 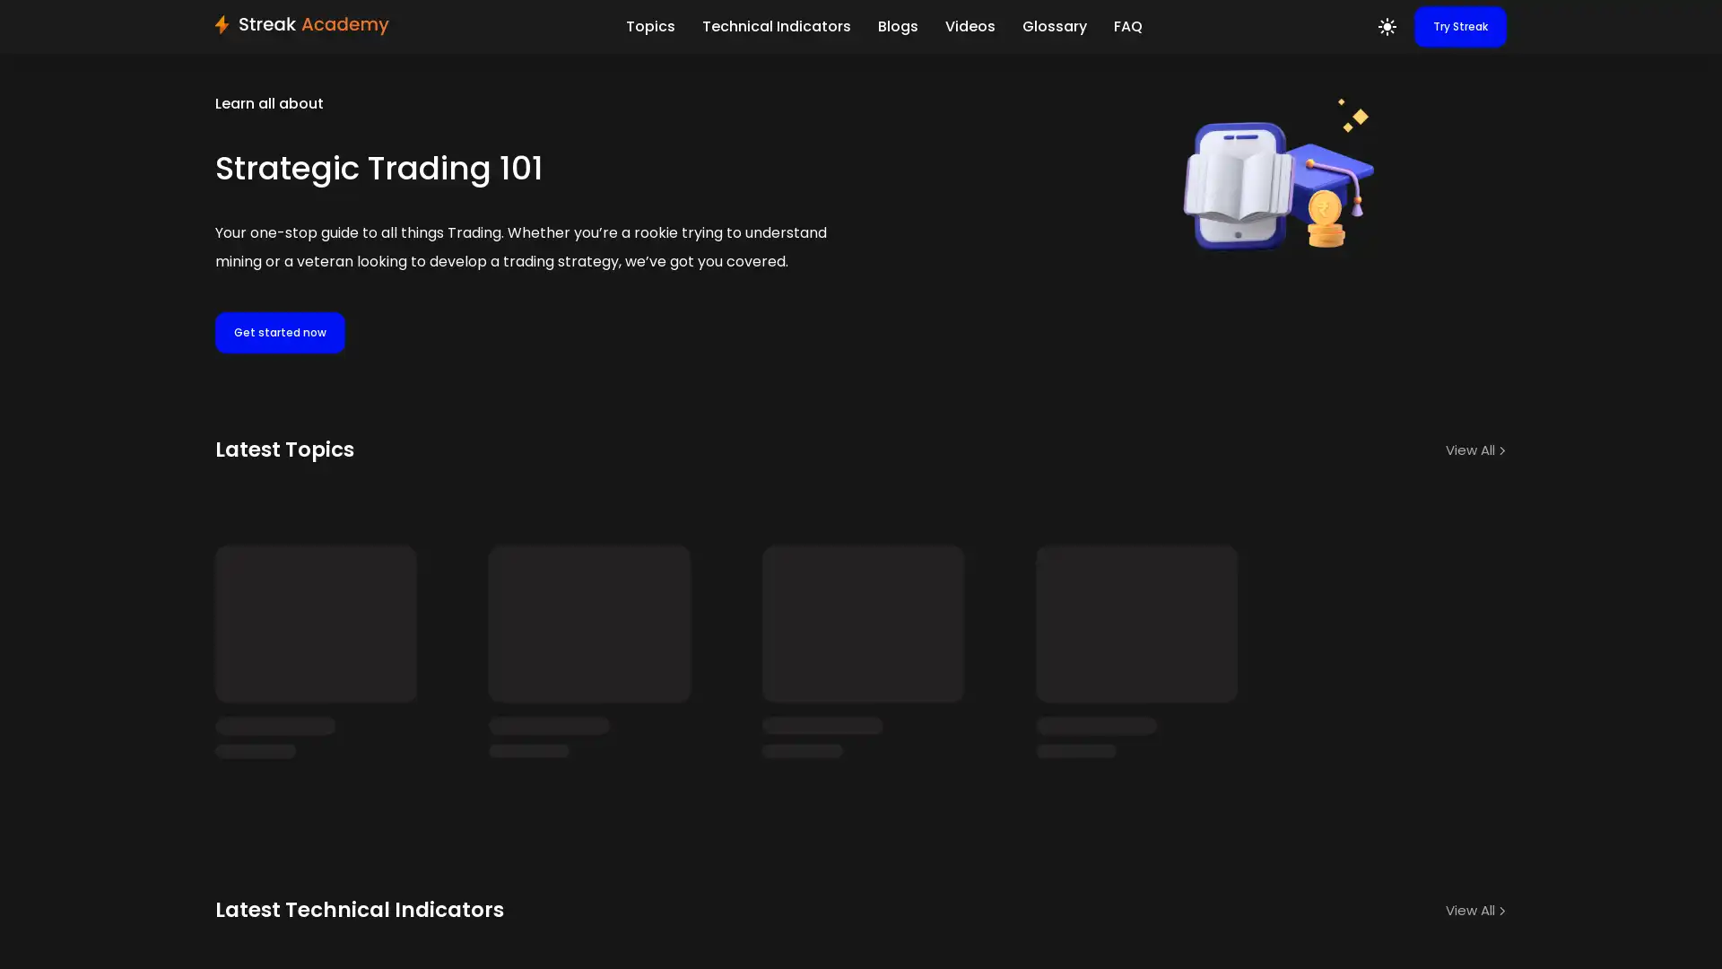 What do you see at coordinates (648, 27) in the screenshot?
I see `Topics` at bounding box center [648, 27].